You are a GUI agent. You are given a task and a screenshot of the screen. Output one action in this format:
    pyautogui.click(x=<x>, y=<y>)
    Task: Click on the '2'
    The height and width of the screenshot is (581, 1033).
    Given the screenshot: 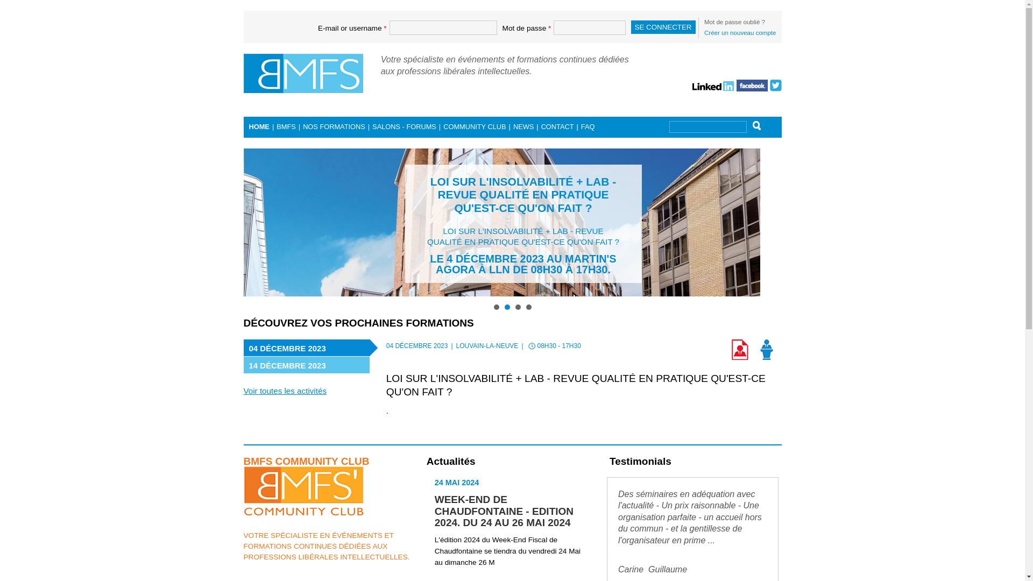 What is the action you would take?
    pyautogui.click(x=506, y=307)
    